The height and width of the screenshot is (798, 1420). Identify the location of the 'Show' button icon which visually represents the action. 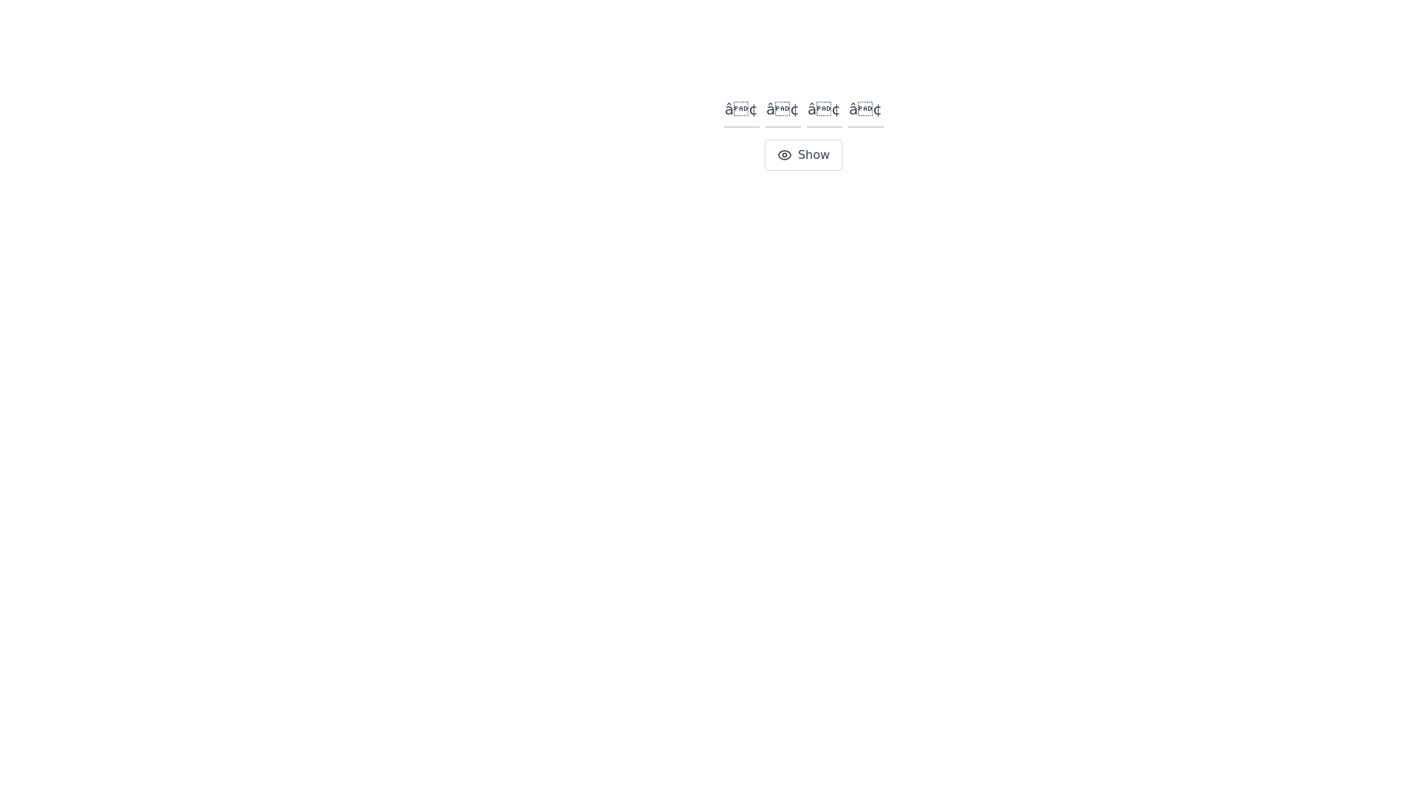
(783, 154).